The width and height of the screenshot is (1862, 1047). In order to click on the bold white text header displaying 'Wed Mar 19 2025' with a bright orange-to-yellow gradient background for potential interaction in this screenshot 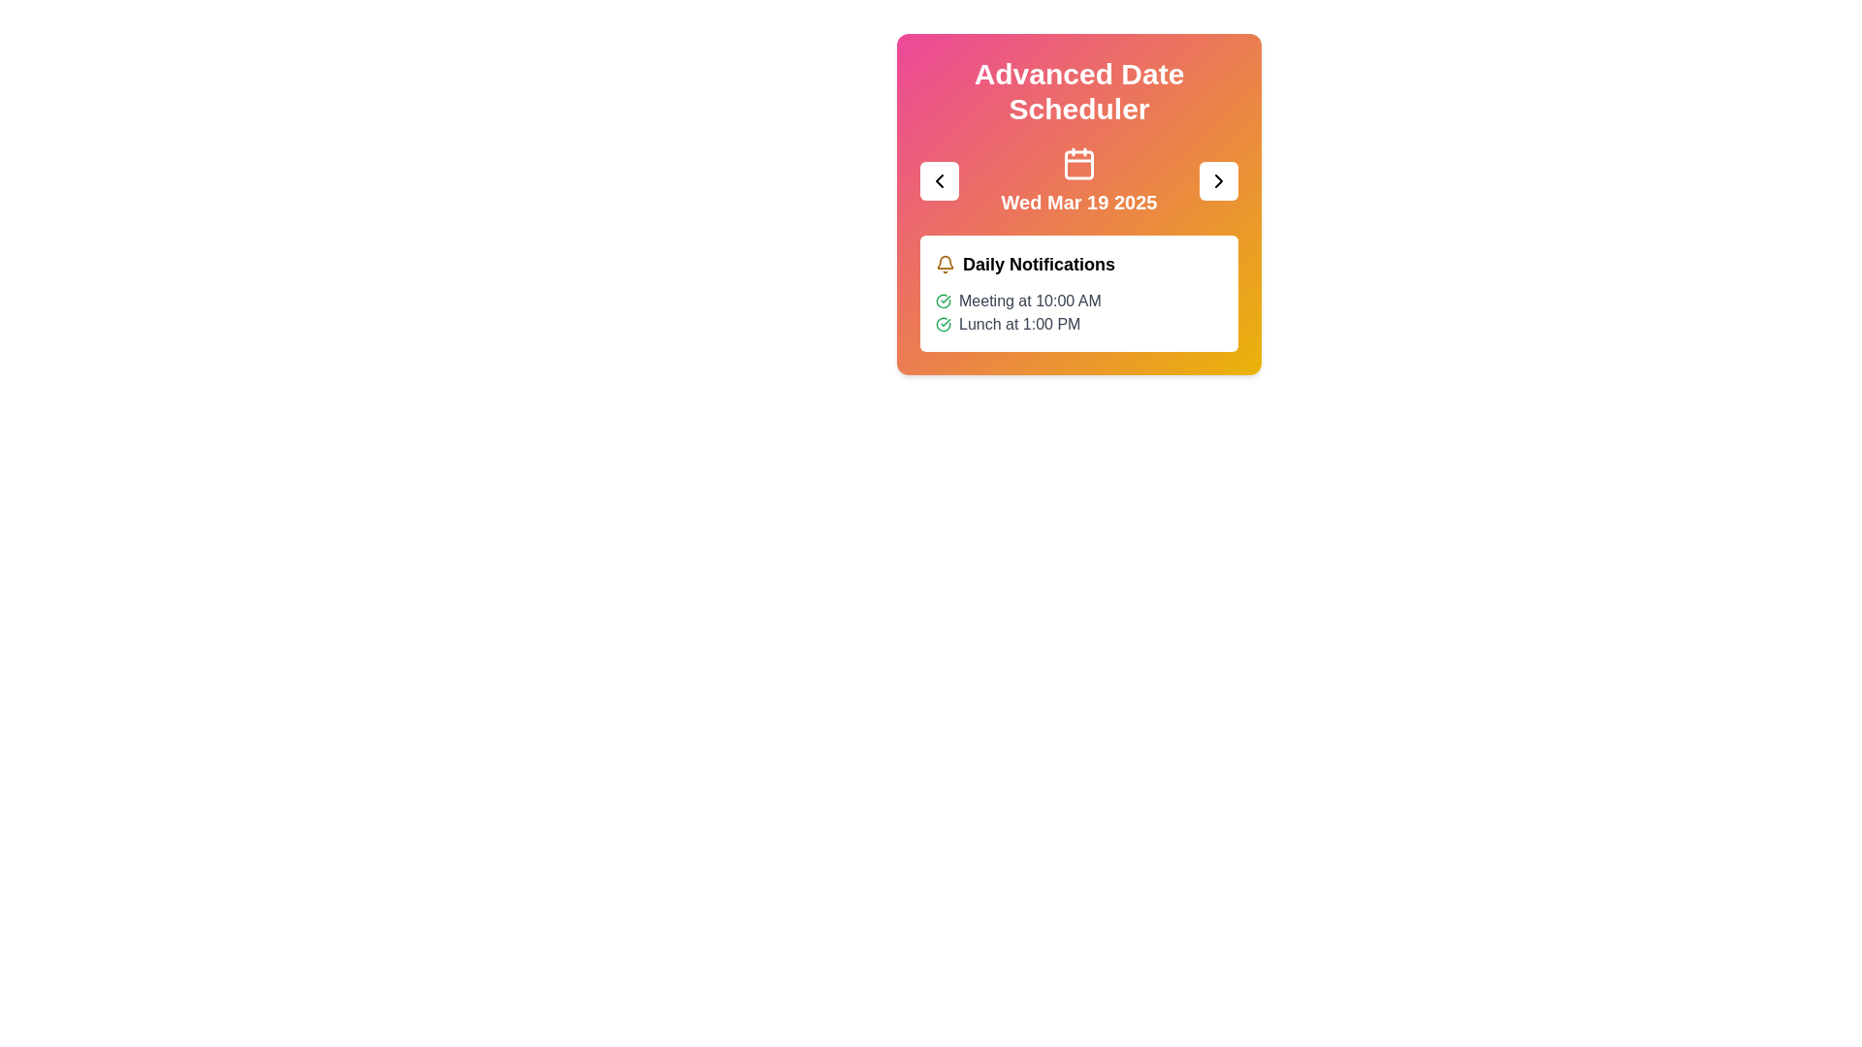, I will do `click(1078, 202)`.